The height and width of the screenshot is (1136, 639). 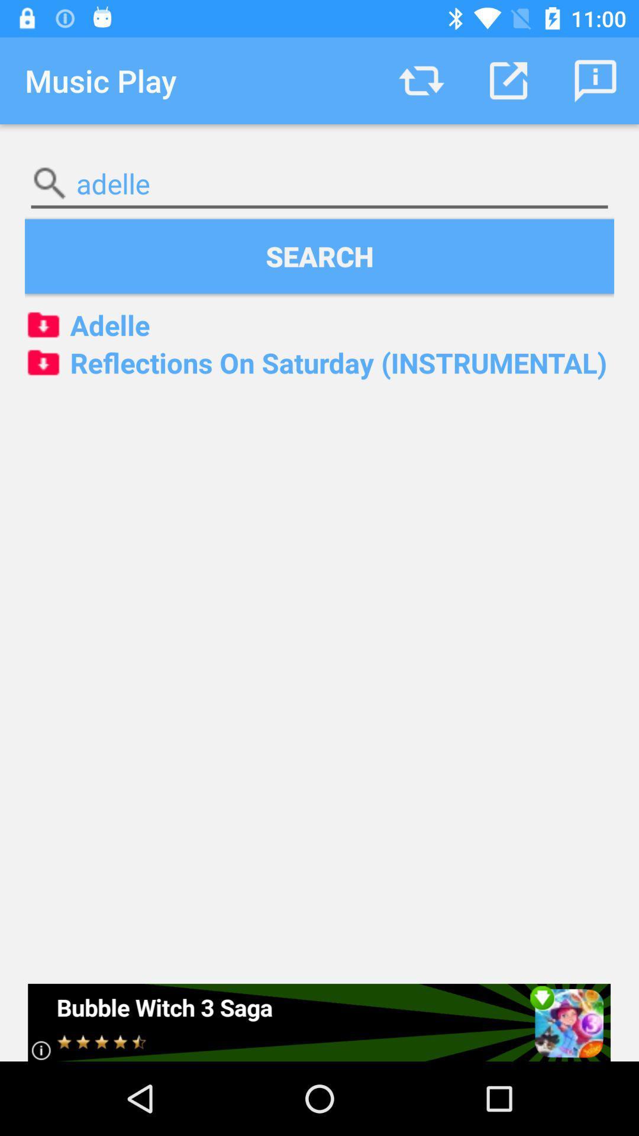 What do you see at coordinates (319, 256) in the screenshot?
I see `item below the adelle item` at bounding box center [319, 256].